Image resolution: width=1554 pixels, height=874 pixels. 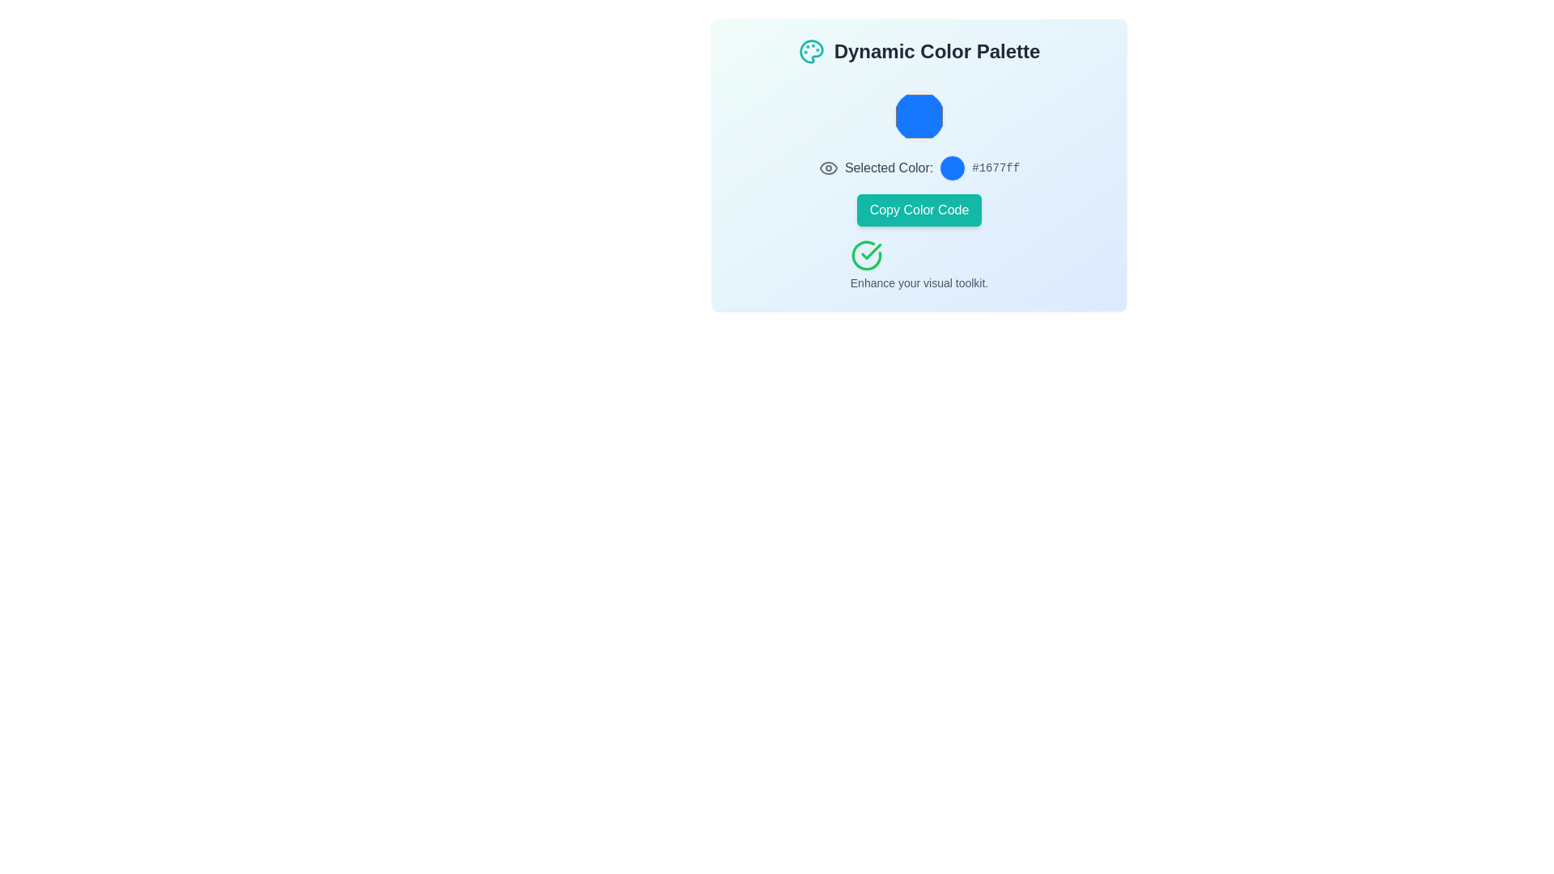 I want to click on the Decorative Icon located in the top-left position of the primary card component, which is aligned with the text 'Dynamic Color Palette', so click(x=811, y=51).